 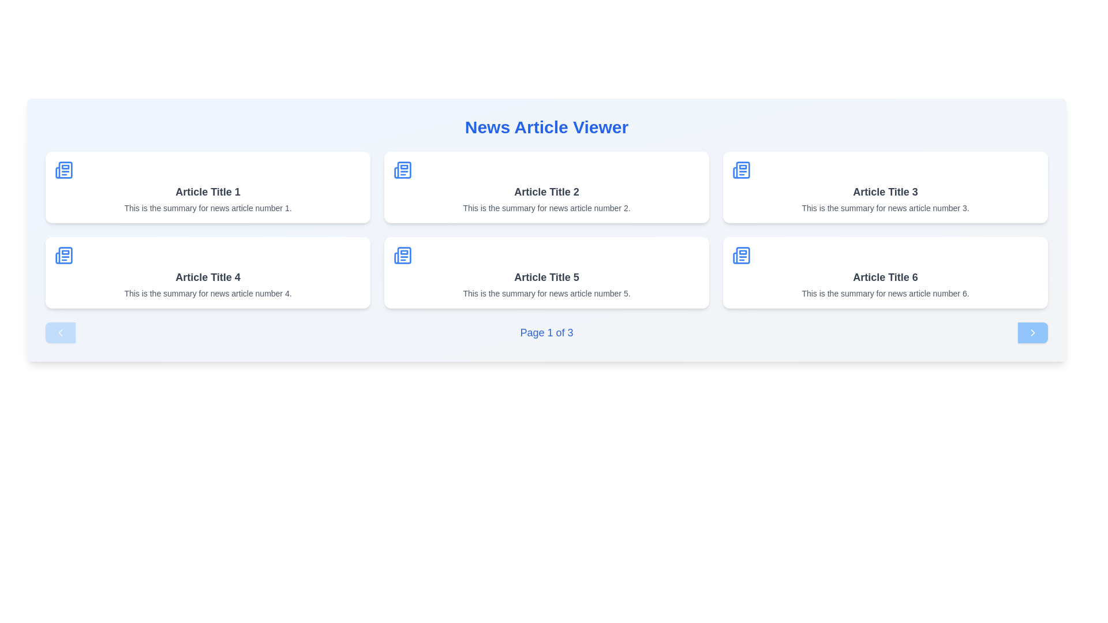 What do you see at coordinates (402, 170) in the screenshot?
I see `the icon representing the news article titled 'Article Title 2', located in the middle column of the top row` at bounding box center [402, 170].